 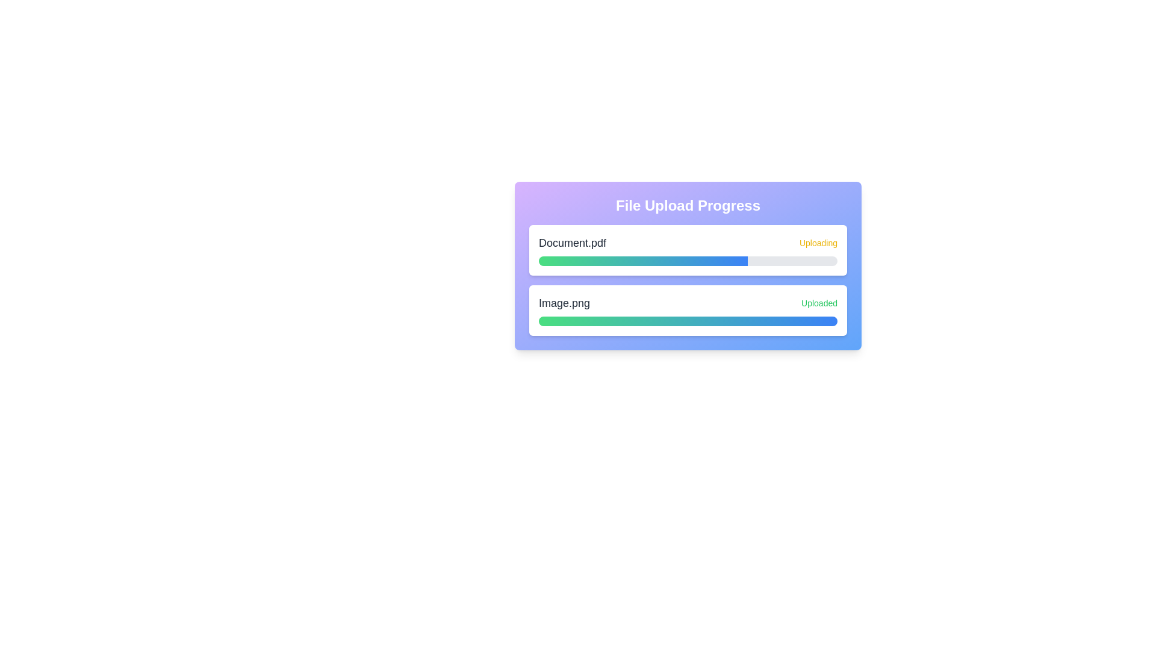 What do you see at coordinates (818, 243) in the screenshot?
I see `the status text 'Uploading' to trigger additional information or action` at bounding box center [818, 243].